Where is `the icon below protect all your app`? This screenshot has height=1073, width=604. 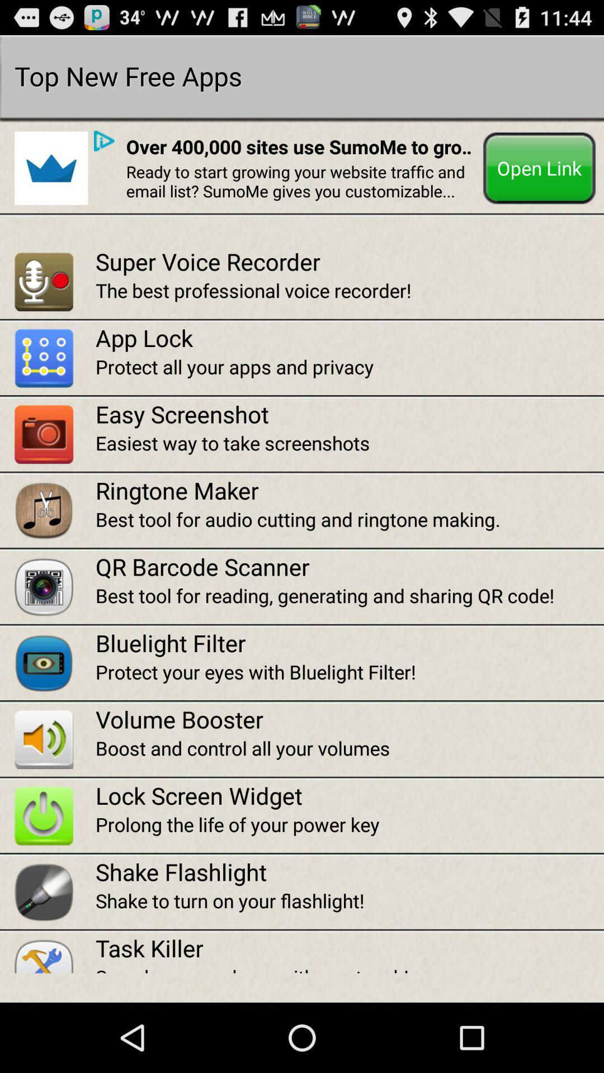
the icon below protect all your app is located at coordinates (349, 413).